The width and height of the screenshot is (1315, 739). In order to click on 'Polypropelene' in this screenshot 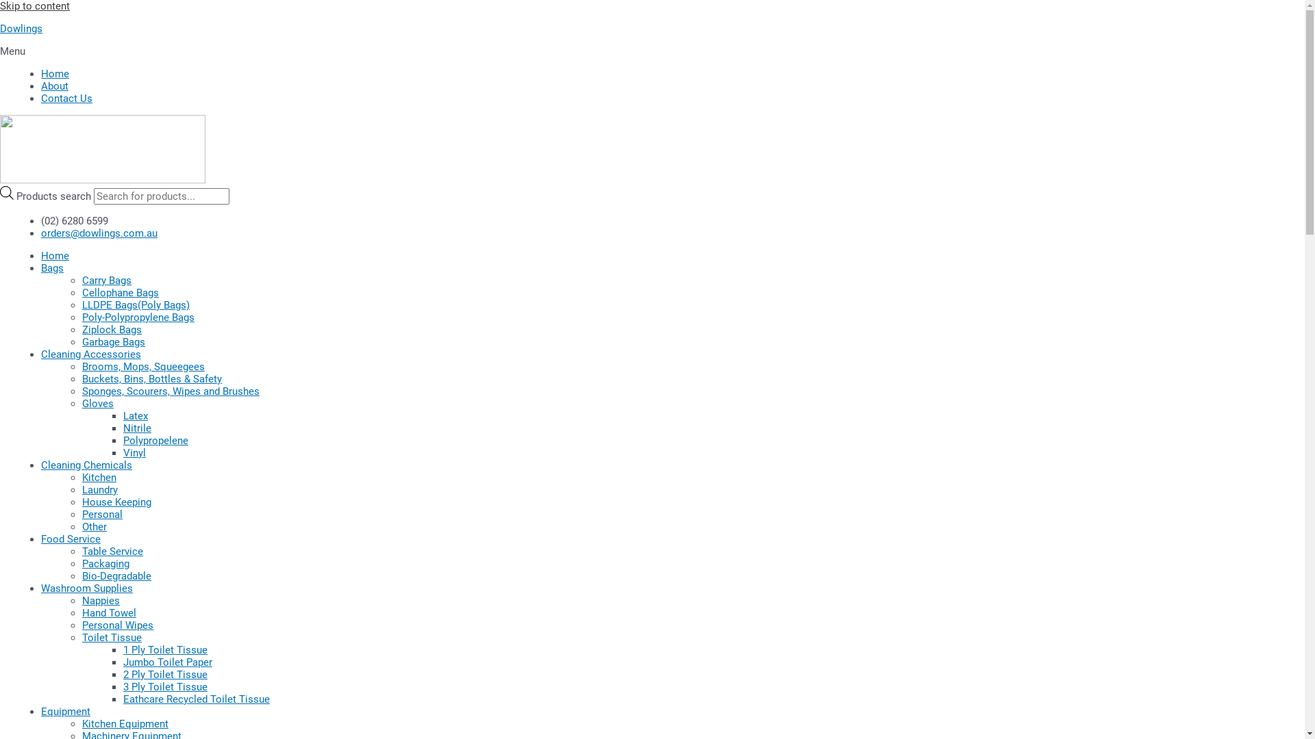, I will do `click(155, 441)`.